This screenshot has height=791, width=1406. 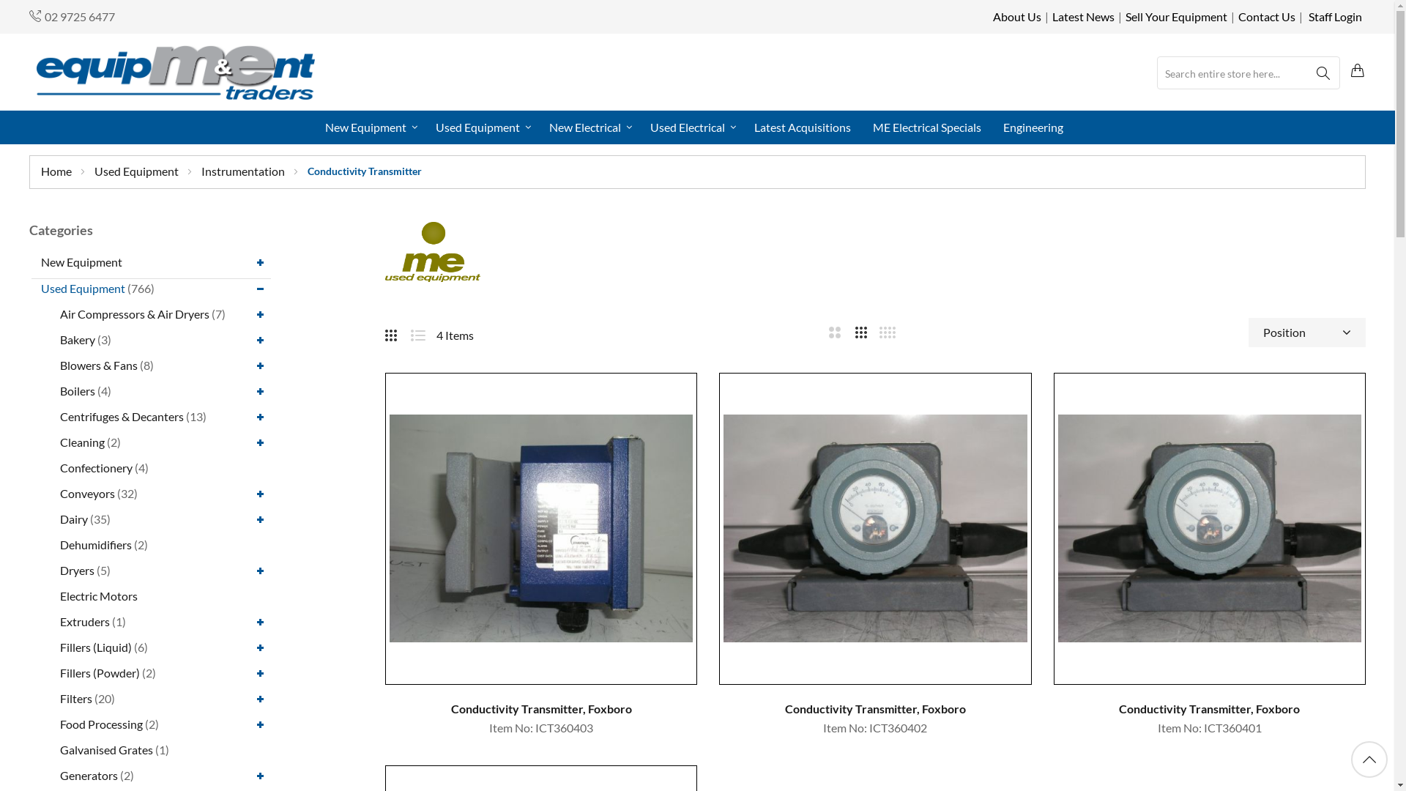 I want to click on 'About Us', so click(x=1016, y=16).